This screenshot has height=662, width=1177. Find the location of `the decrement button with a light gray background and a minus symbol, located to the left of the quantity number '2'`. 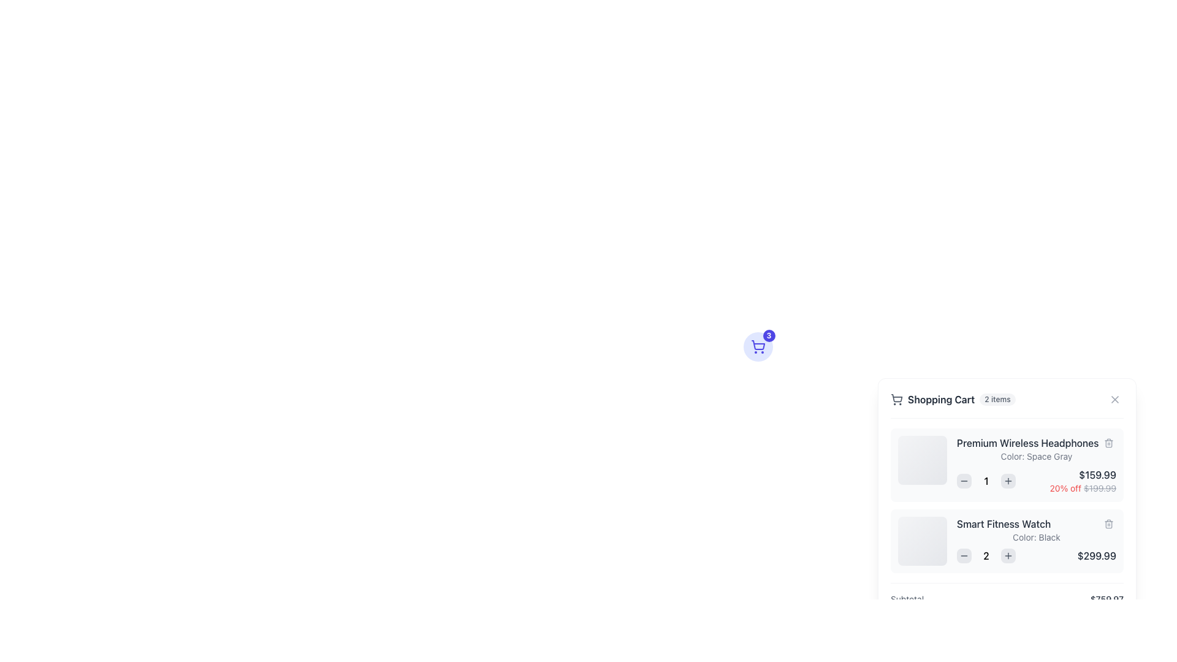

the decrement button with a light gray background and a minus symbol, located to the left of the quantity number '2' is located at coordinates (964, 555).